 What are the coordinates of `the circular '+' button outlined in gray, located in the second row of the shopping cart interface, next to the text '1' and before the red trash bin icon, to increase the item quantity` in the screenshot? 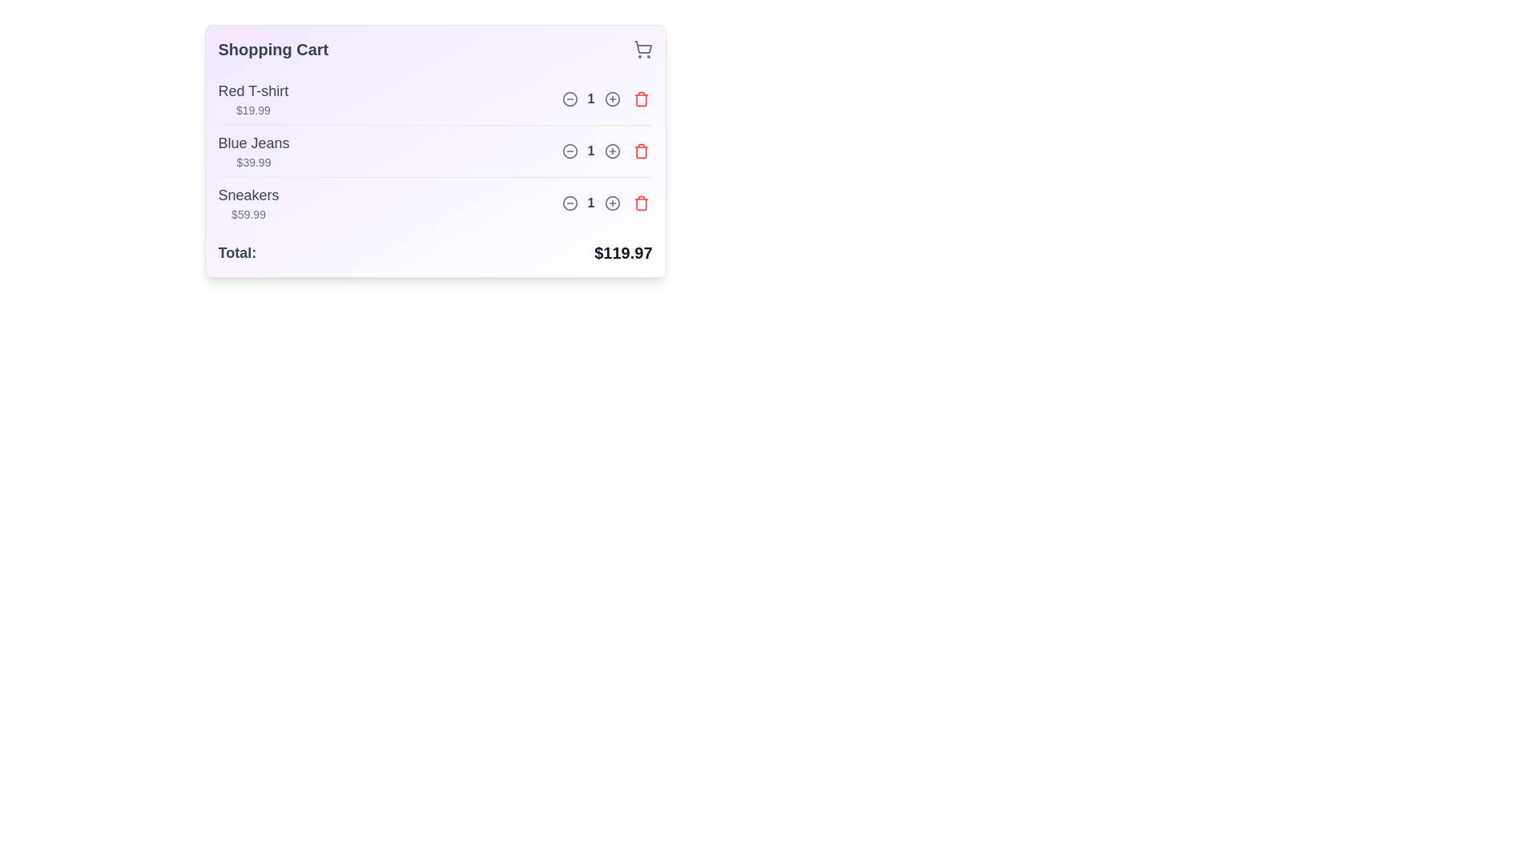 It's located at (611, 151).